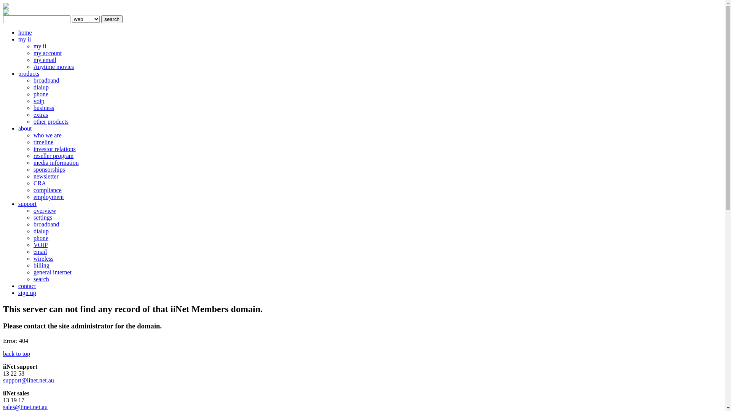  I want to click on 'investor relations', so click(33, 149).